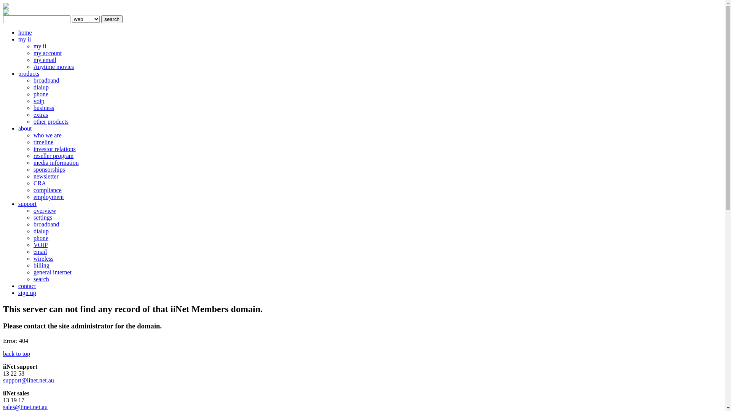  I want to click on 'investor relations', so click(33, 149).